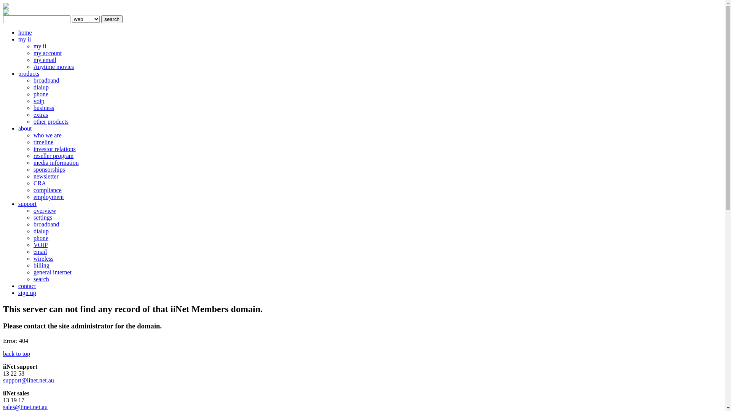  I want to click on 'investor relations', so click(33, 149).